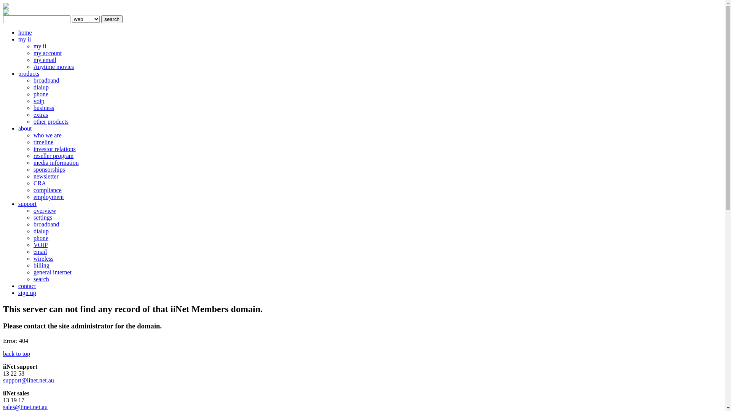  I want to click on 'investor relations', so click(33, 149).